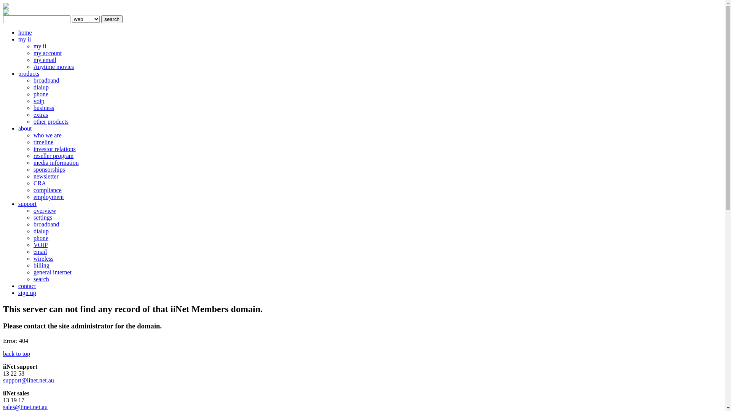  I want to click on 'investor relations', so click(33, 149).